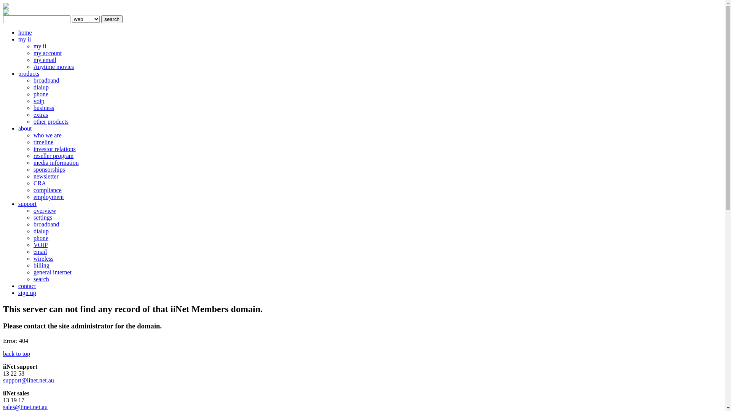  I want to click on 'investor relations', so click(33, 149).